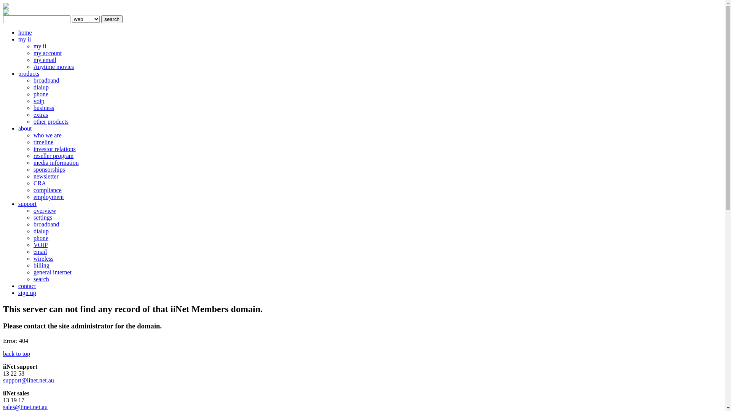  I want to click on 'investor relations', so click(33, 149).